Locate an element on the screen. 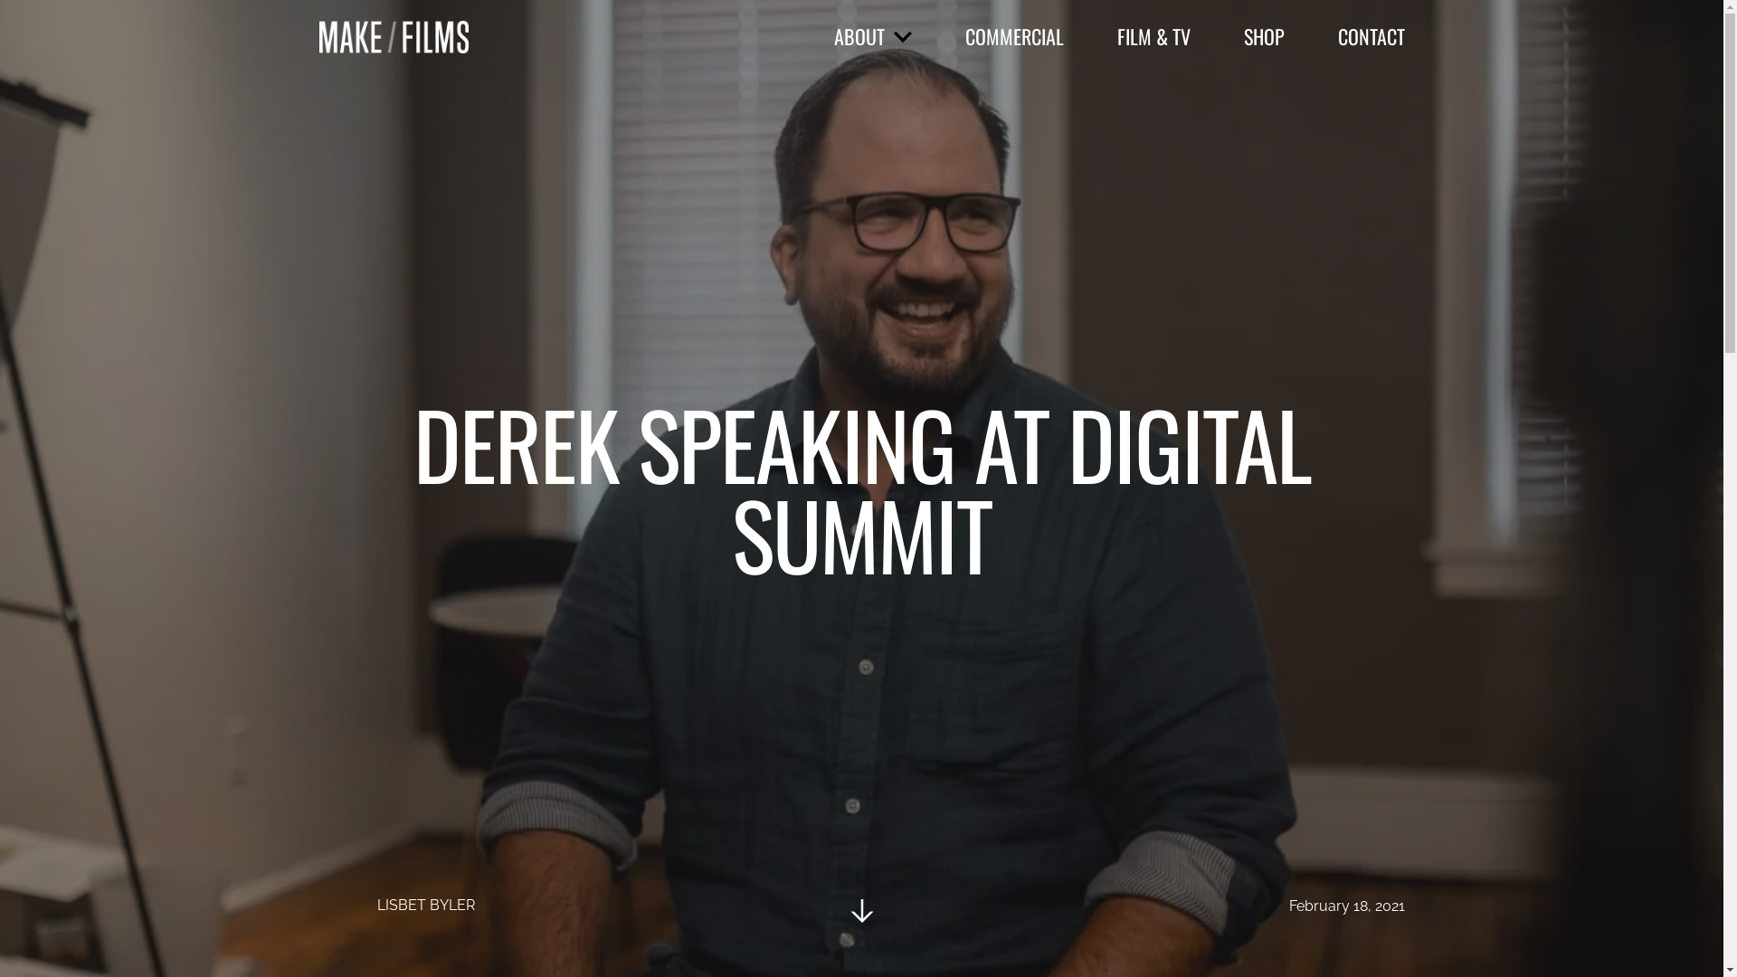 This screenshot has height=977, width=1737. 'COMMERCIAL' is located at coordinates (963, 35).